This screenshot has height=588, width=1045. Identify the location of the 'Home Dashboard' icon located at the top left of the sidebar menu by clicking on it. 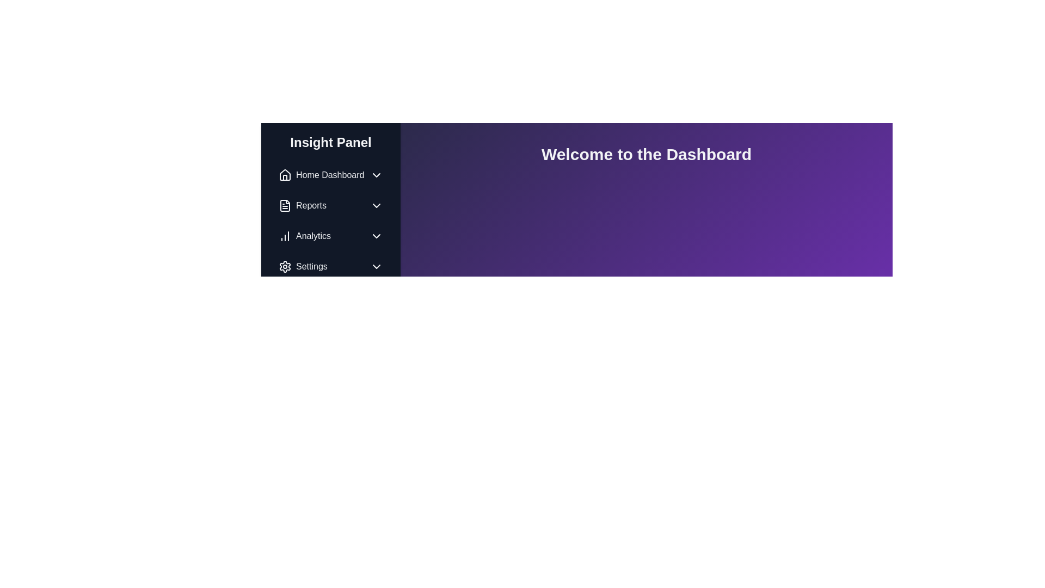
(285, 174).